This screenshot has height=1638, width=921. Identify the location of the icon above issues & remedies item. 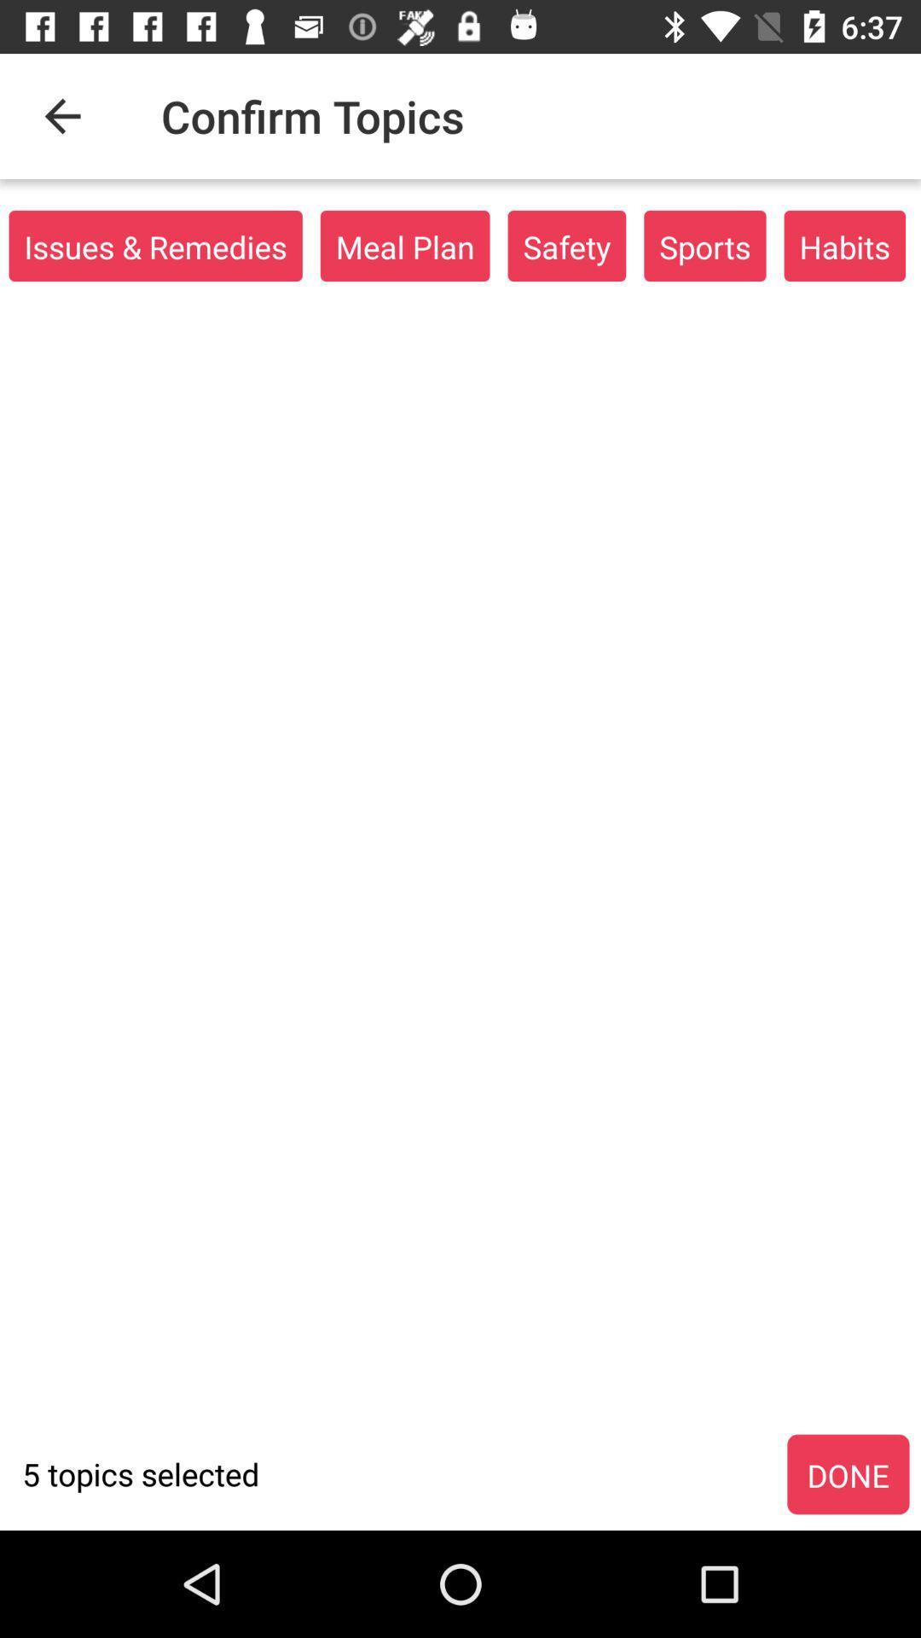
(61, 115).